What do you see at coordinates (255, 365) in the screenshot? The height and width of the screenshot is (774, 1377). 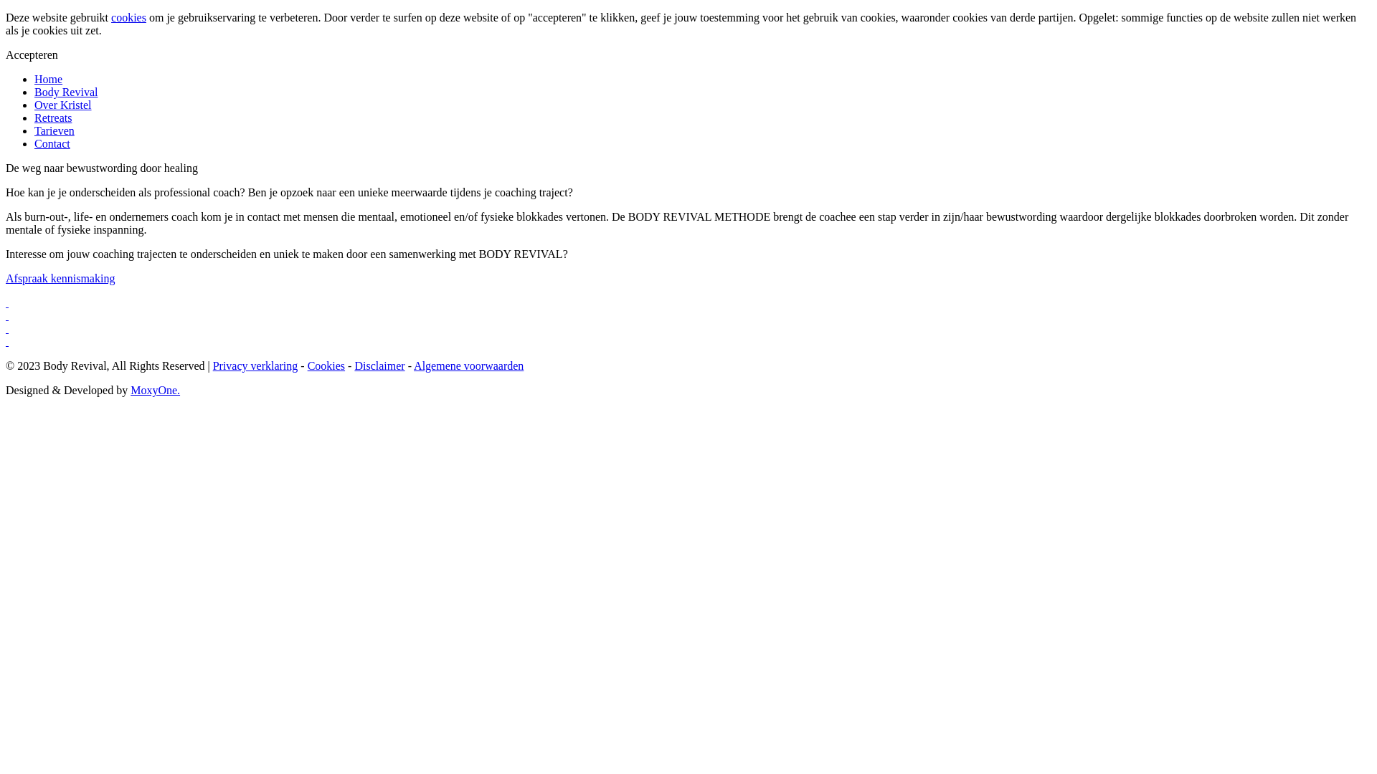 I see `'Privacy verklaring'` at bounding box center [255, 365].